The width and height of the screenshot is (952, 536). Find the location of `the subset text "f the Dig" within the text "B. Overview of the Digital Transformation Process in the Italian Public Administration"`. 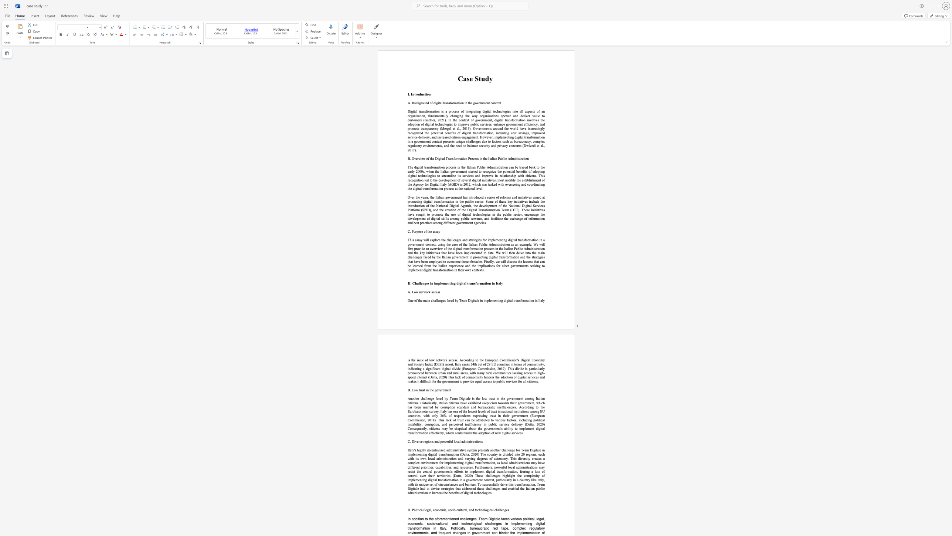

the subset text "f the Dig" within the text "B. Overview of the Digital Transformation Process in the Italian Public Administration" is located at coordinates (428, 158).